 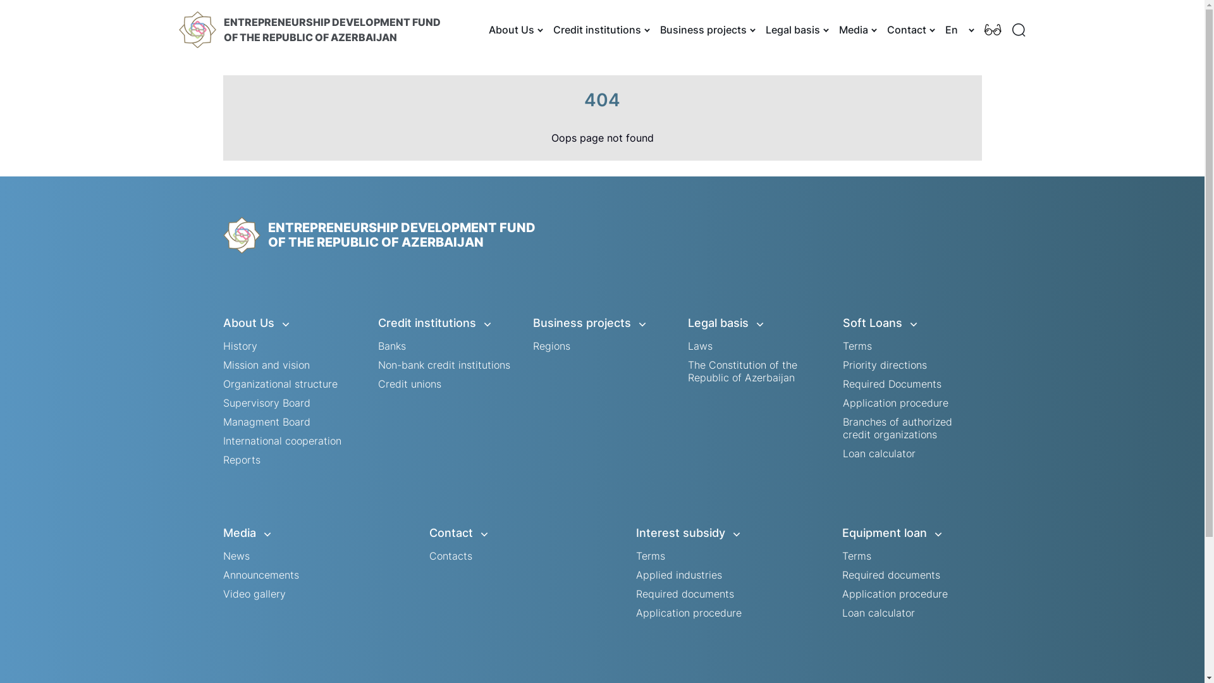 What do you see at coordinates (279, 383) in the screenshot?
I see `'Organizational structure'` at bounding box center [279, 383].